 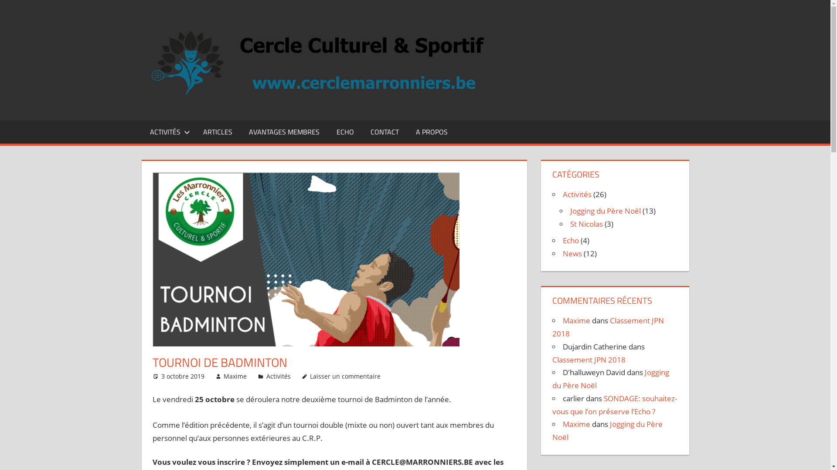 What do you see at coordinates (235, 376) in the screenshot?
I see `'Maxime'` at bounding box center [235, 376].